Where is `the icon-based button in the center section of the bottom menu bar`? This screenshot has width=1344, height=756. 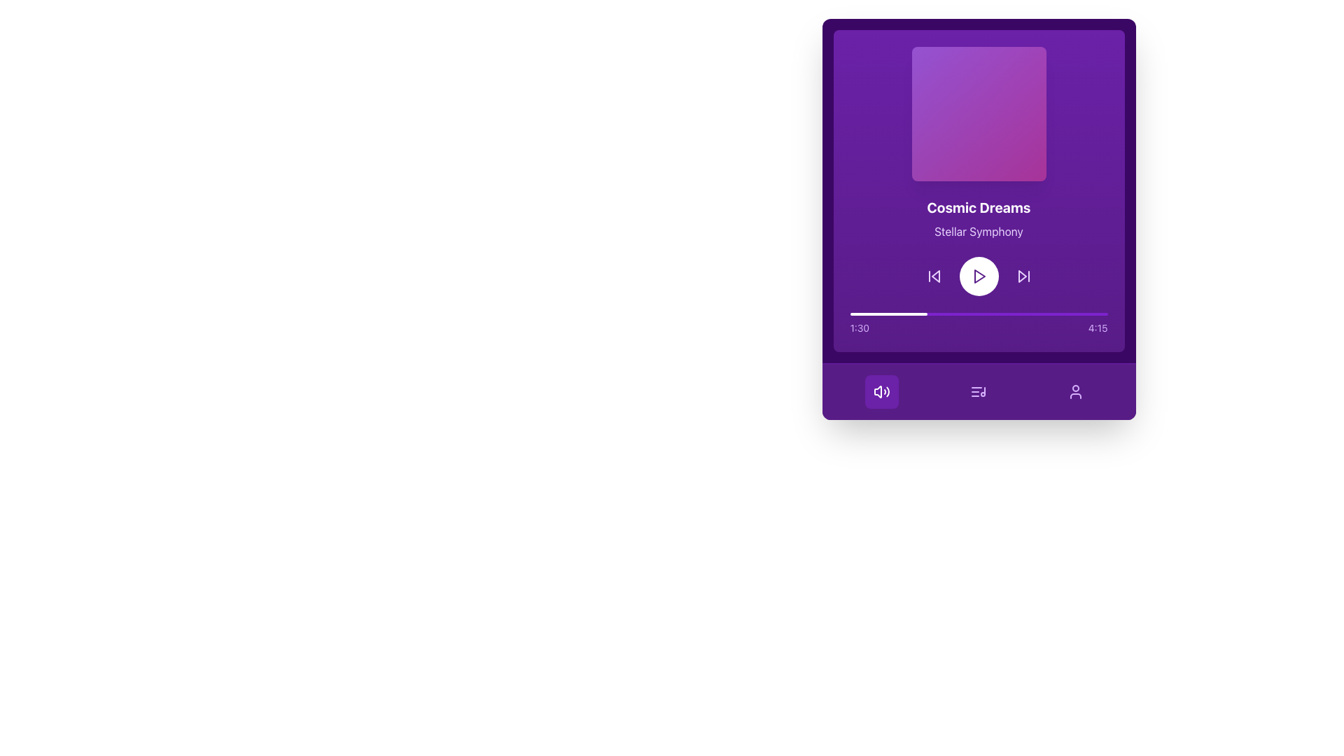
the icon-based button in the center section of the bottom menu bar is located at coordinates (978, 391).